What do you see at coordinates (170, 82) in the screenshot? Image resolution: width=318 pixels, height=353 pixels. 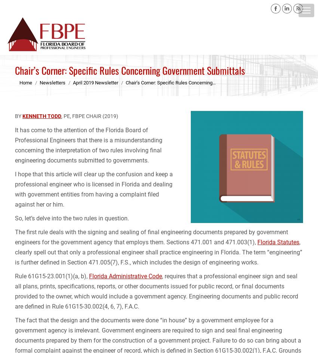 I see `'Chair’s Corner: Specific Rules Concerning…'` at bounding box center [170, 82].